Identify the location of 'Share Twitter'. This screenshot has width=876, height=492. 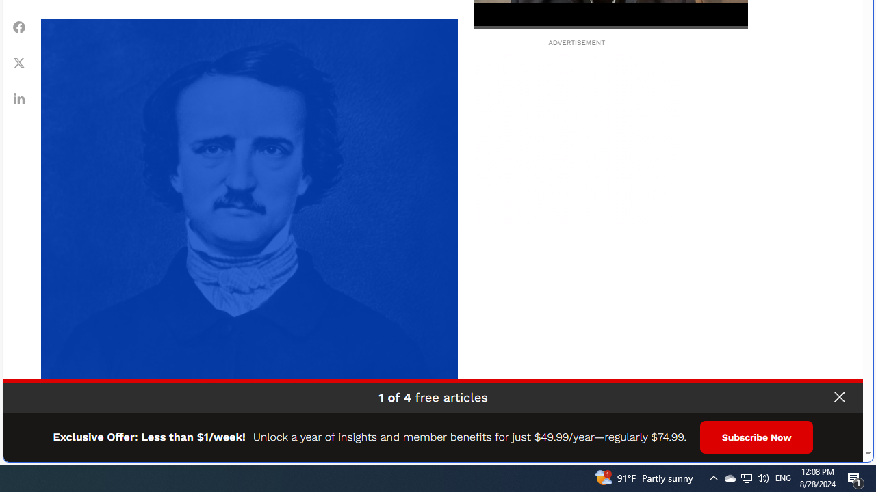
(19, 62).